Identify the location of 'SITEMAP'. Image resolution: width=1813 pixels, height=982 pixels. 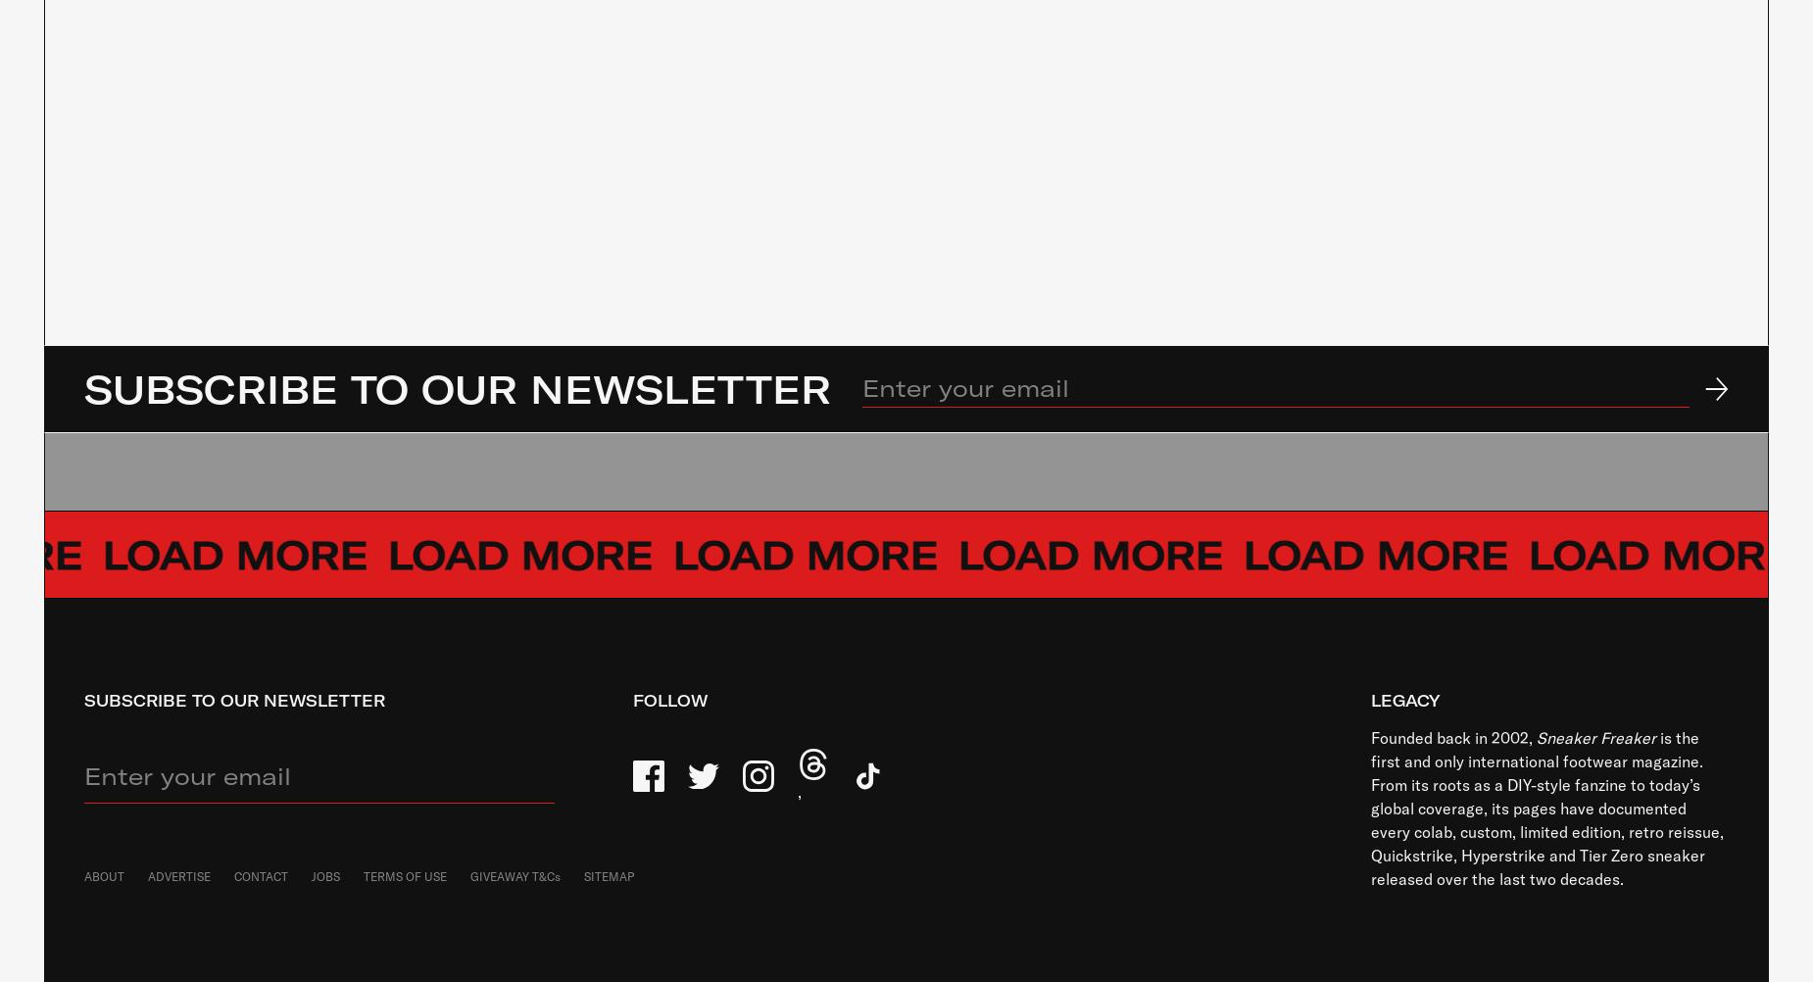
(609, 875).